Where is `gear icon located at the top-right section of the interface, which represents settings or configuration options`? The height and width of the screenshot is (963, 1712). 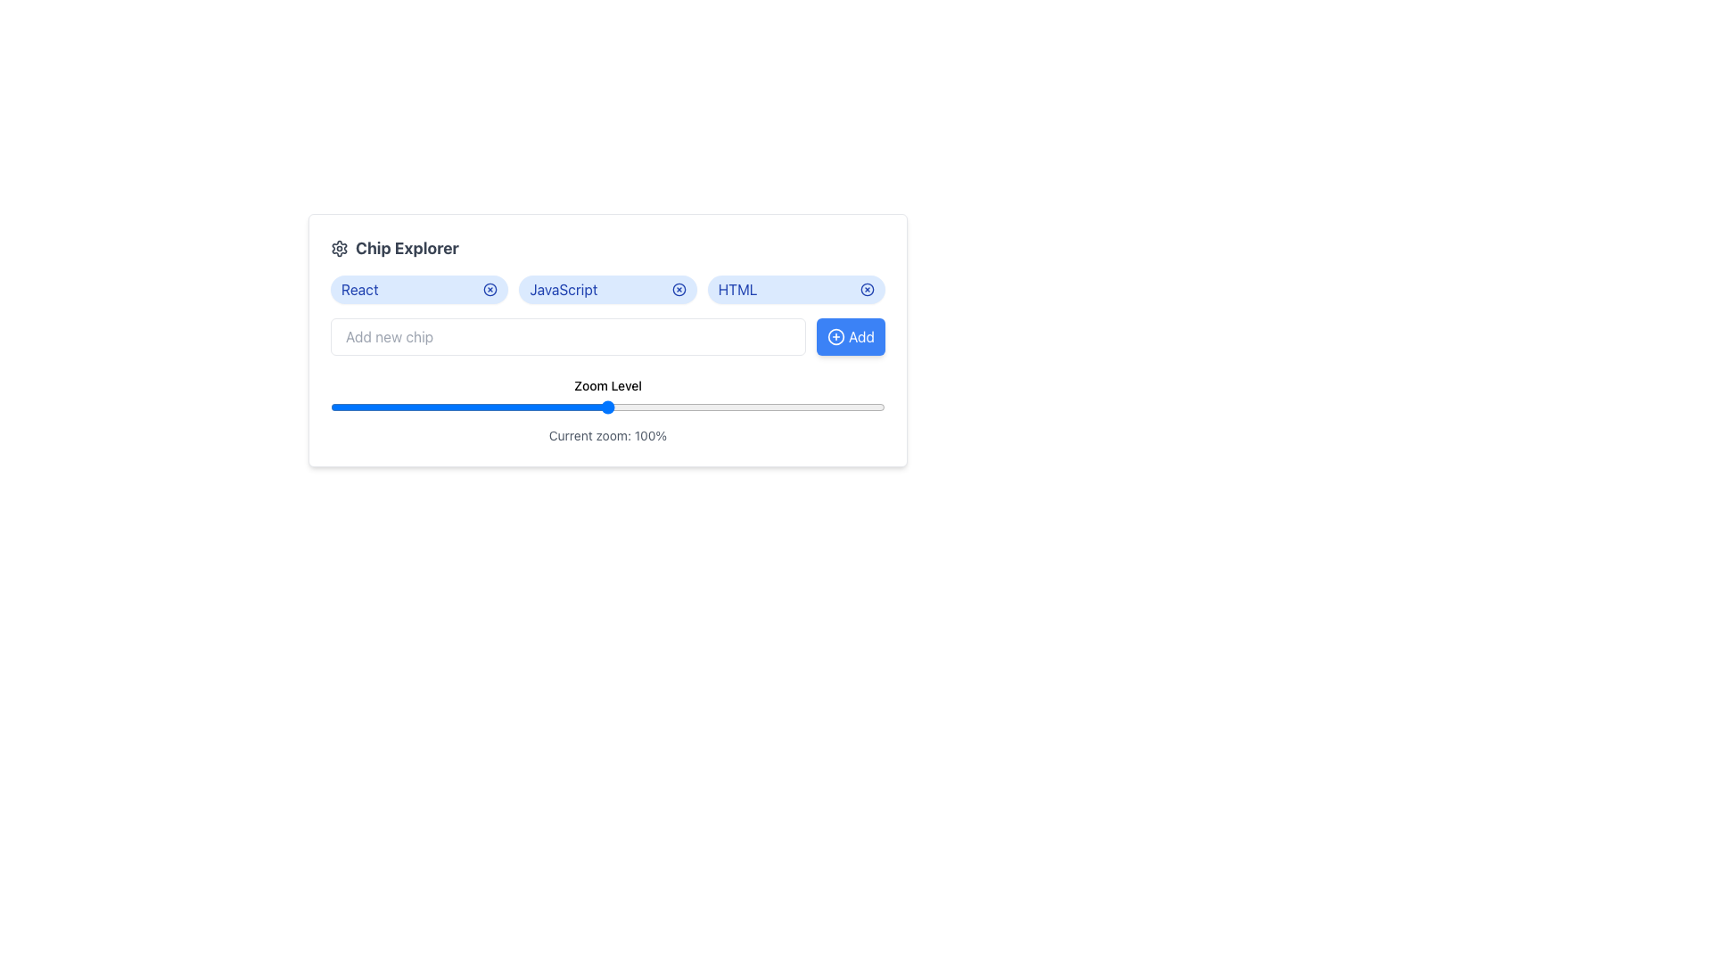
gear icon located at the top-right section of the interface, which represents settings or configuration options is located at coordinates (339, 248).